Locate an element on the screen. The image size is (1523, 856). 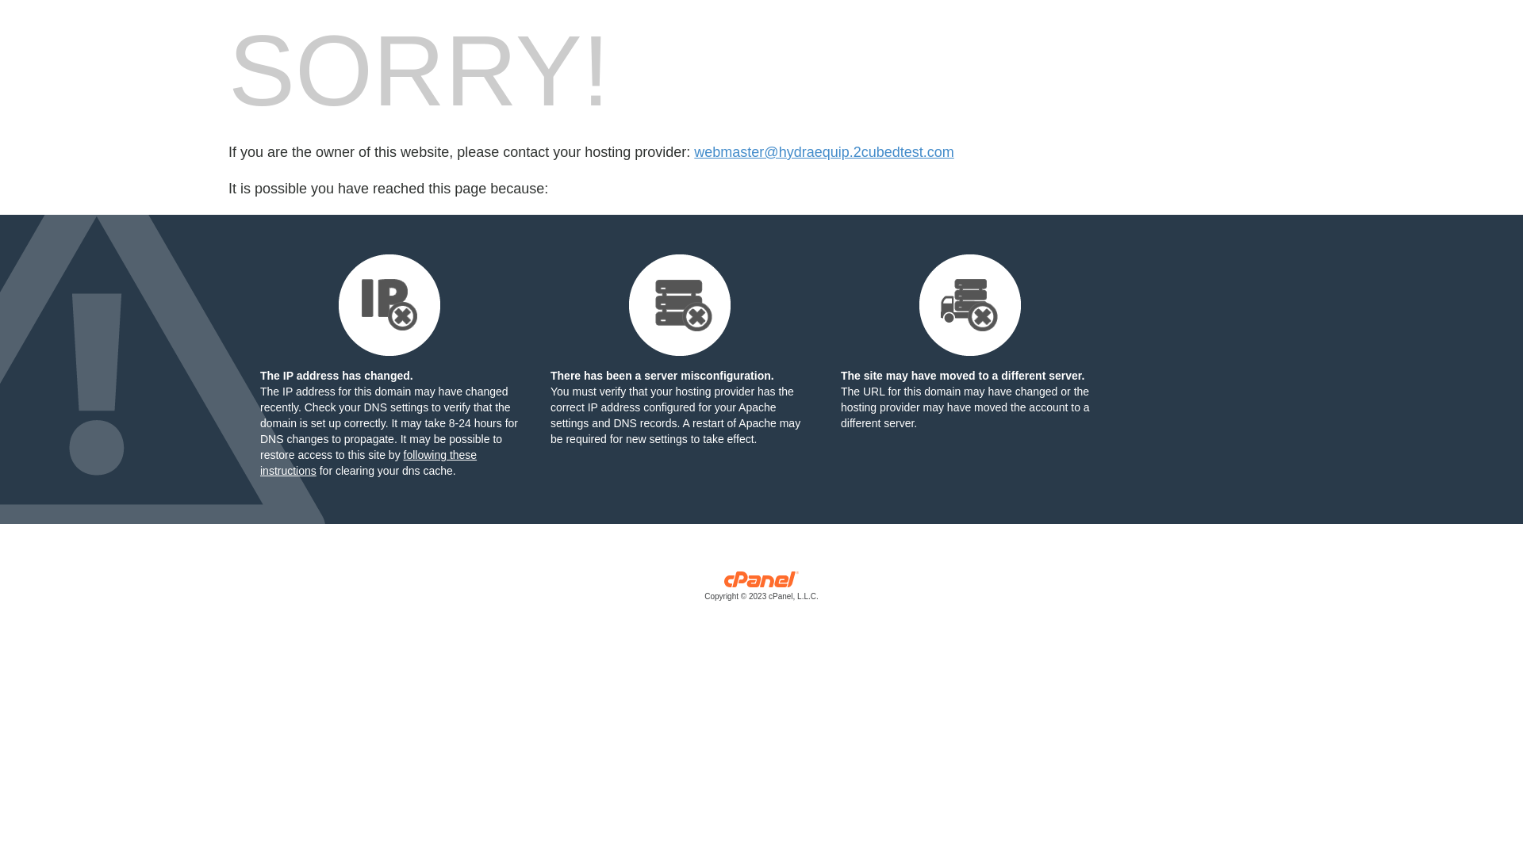
'webmaster@hydraequip.2cubedtest.com' is located at coordinates (823, 152).